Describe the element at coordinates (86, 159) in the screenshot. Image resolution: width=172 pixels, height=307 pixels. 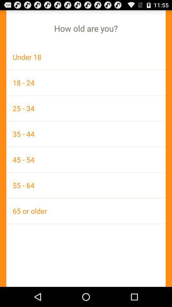
I see `45 - 54` at that location.